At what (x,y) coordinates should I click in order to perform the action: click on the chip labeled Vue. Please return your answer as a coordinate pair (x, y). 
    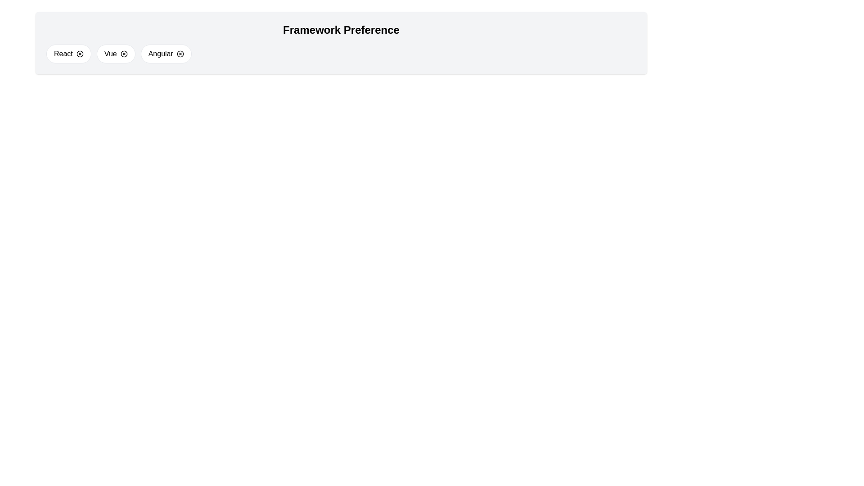
    Looking at the image, I should click on (115, 54).